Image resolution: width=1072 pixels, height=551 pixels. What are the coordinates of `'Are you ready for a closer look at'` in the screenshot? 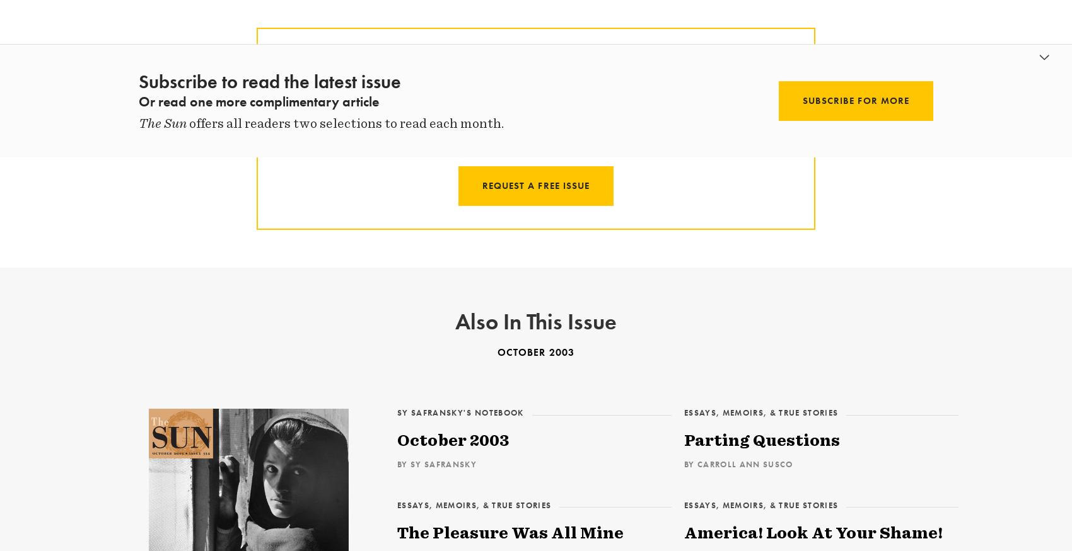 It's located at (511, 89).